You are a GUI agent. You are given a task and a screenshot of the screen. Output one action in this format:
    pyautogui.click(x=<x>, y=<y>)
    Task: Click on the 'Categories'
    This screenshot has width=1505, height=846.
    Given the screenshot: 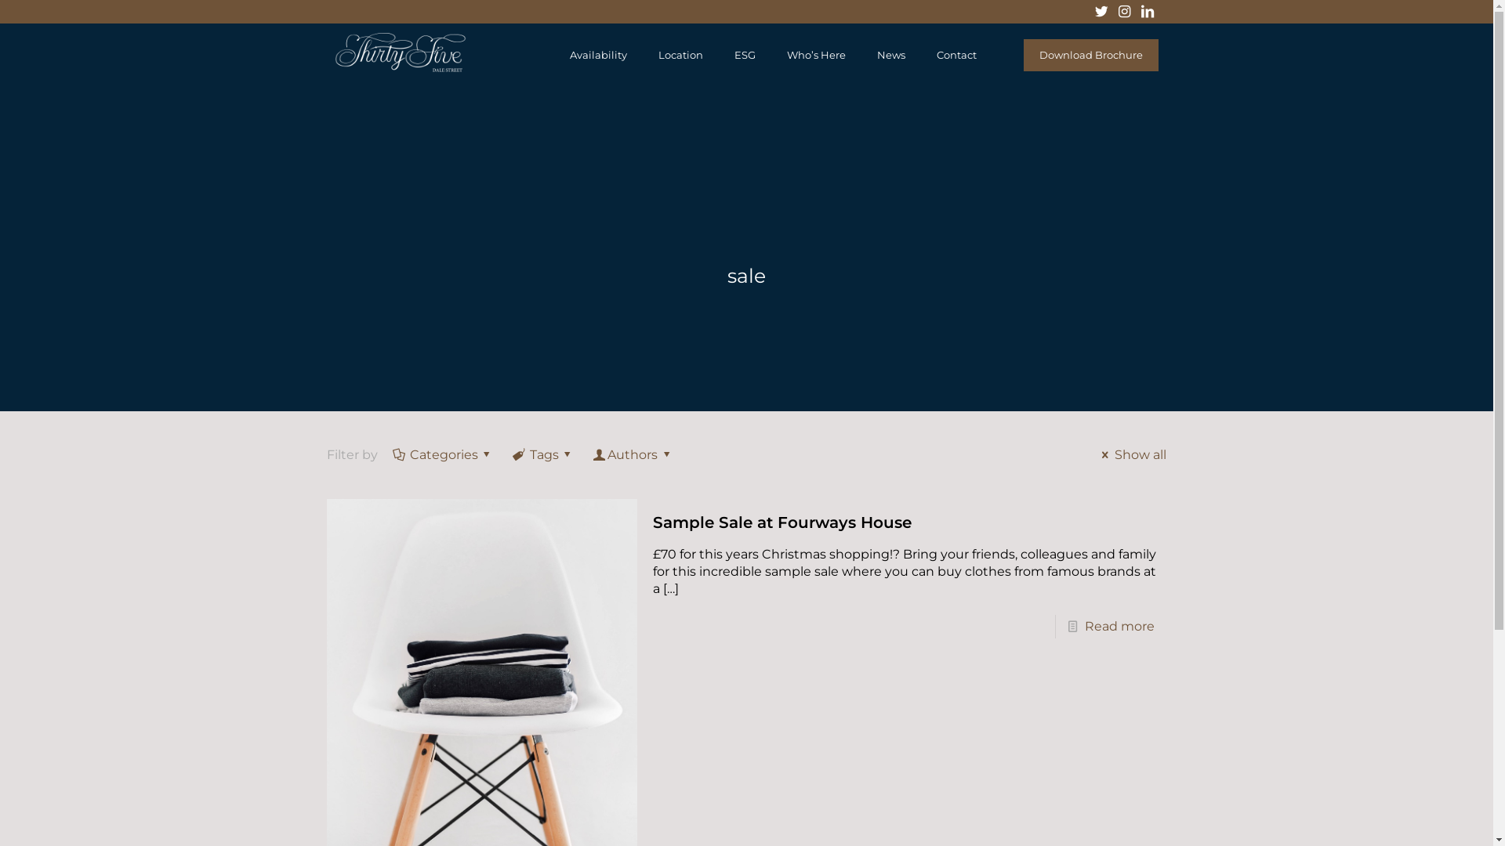 What is the action you would take?
    pyautogui.click(x=443, y=454)
    